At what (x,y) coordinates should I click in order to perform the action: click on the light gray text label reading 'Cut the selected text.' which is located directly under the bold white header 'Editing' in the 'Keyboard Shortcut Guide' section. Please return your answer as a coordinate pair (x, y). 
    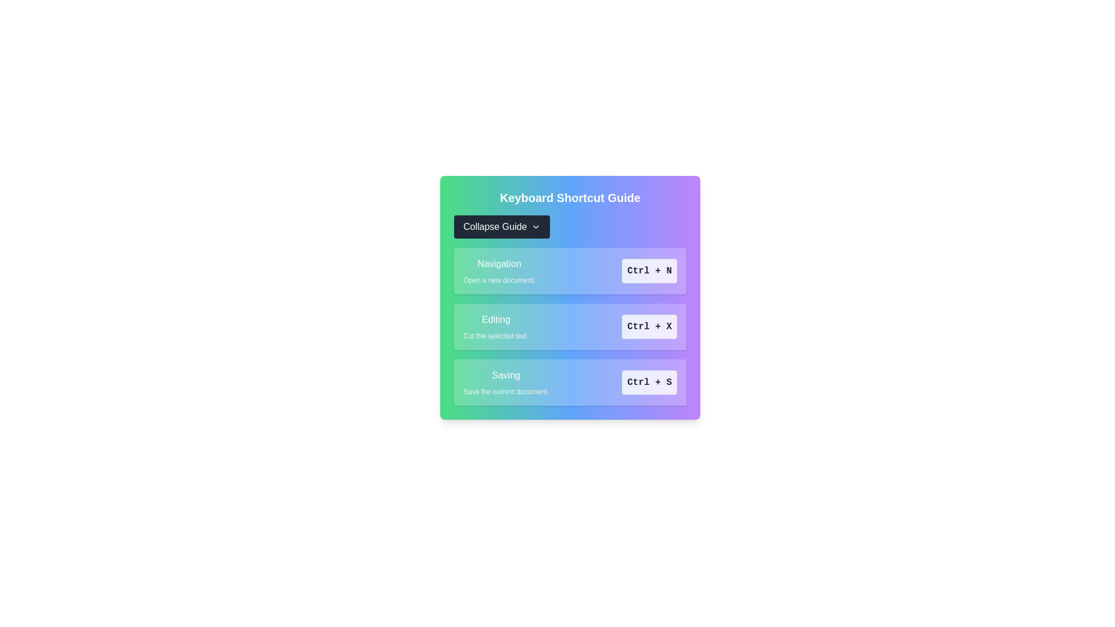
    Looking at the image, I should click on (496, 336).